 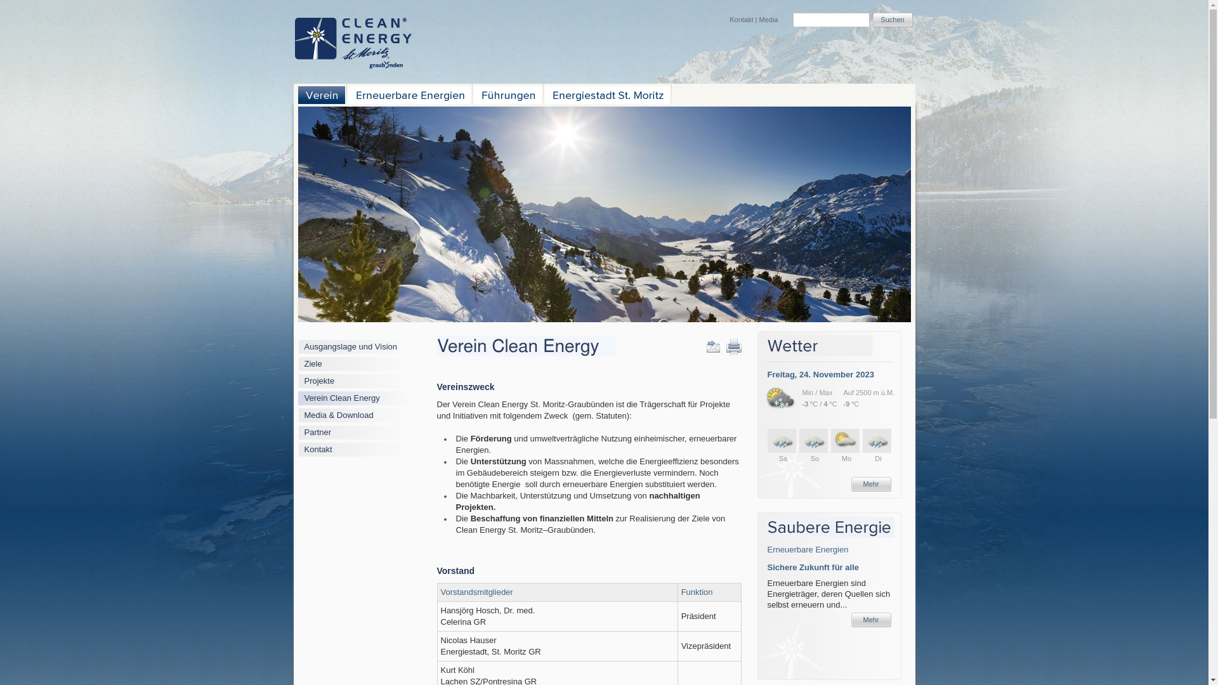 What do you see at coordinates (705, 346) in the screenshot?
I see `'Seite versenden'` at bounding box center [705, 346].